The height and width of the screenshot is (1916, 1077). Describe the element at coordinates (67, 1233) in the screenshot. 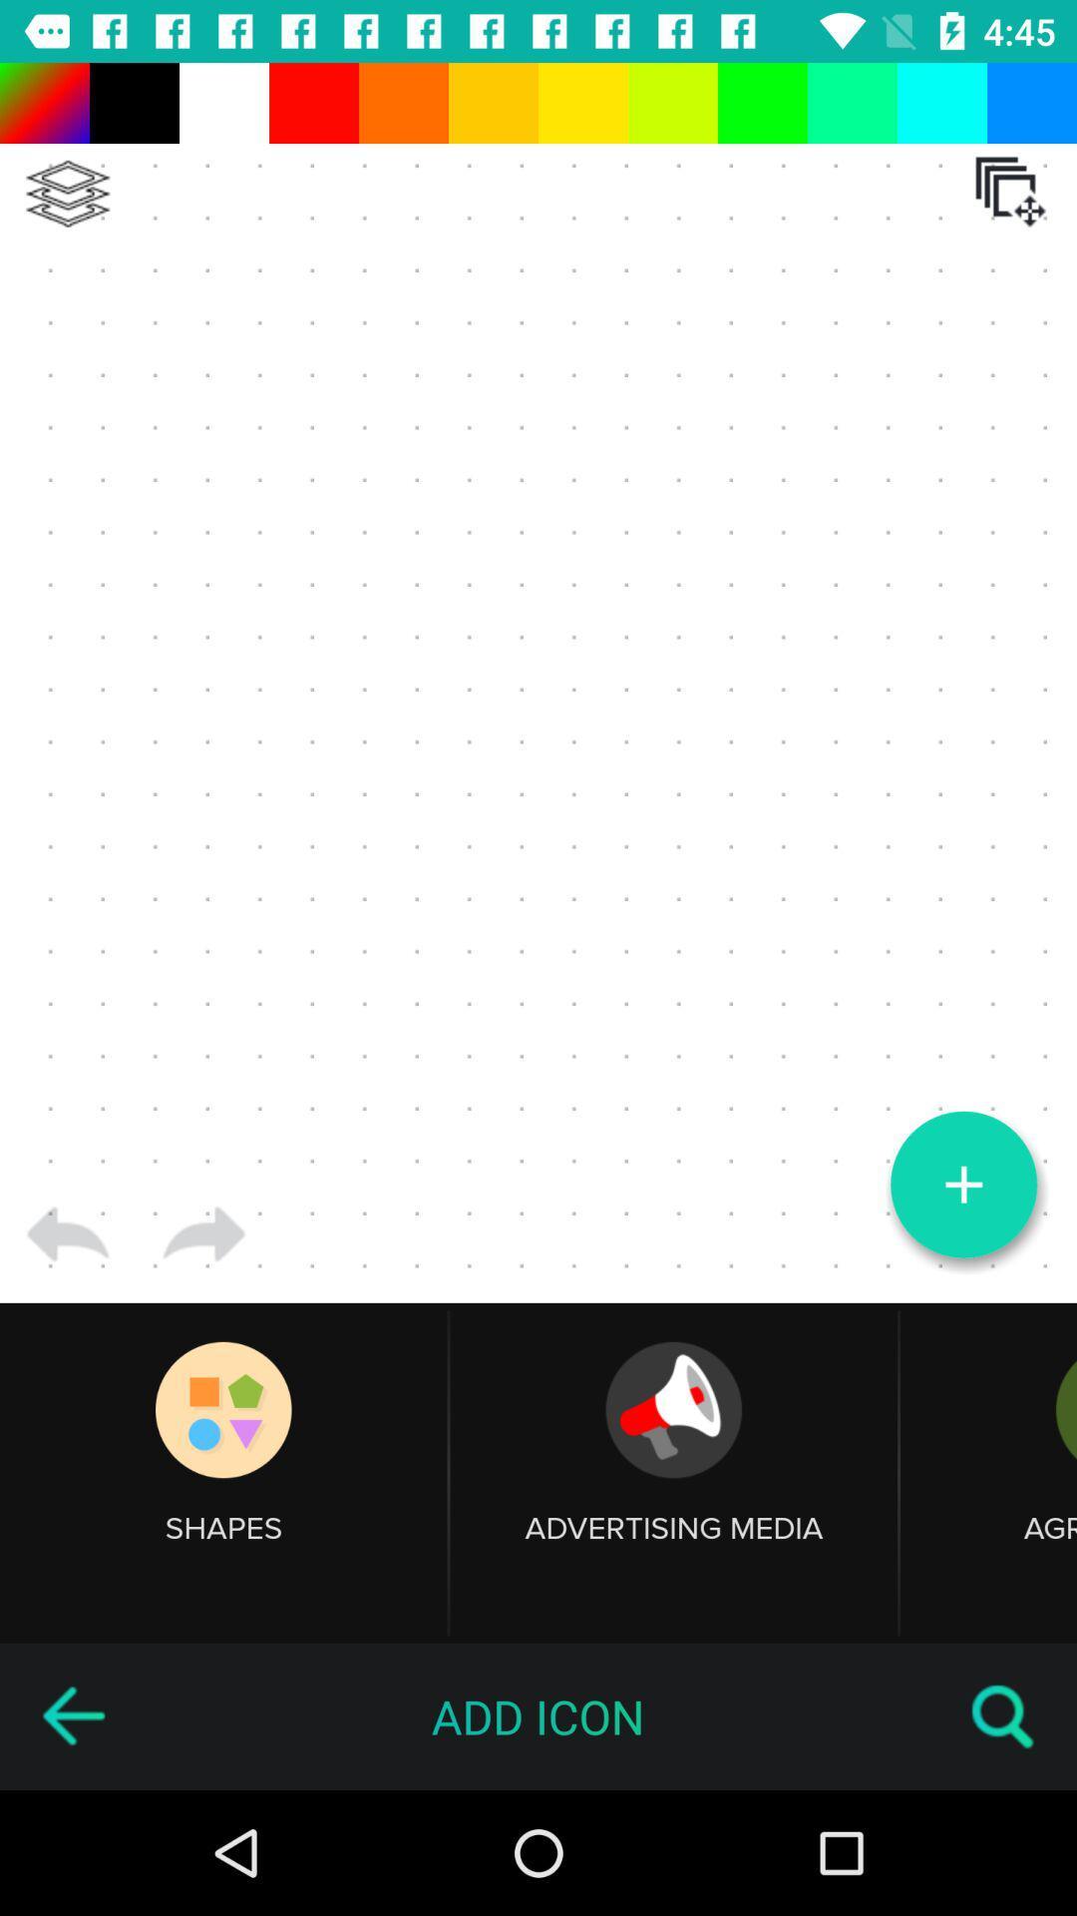

I see `item above shapes item` at that location.